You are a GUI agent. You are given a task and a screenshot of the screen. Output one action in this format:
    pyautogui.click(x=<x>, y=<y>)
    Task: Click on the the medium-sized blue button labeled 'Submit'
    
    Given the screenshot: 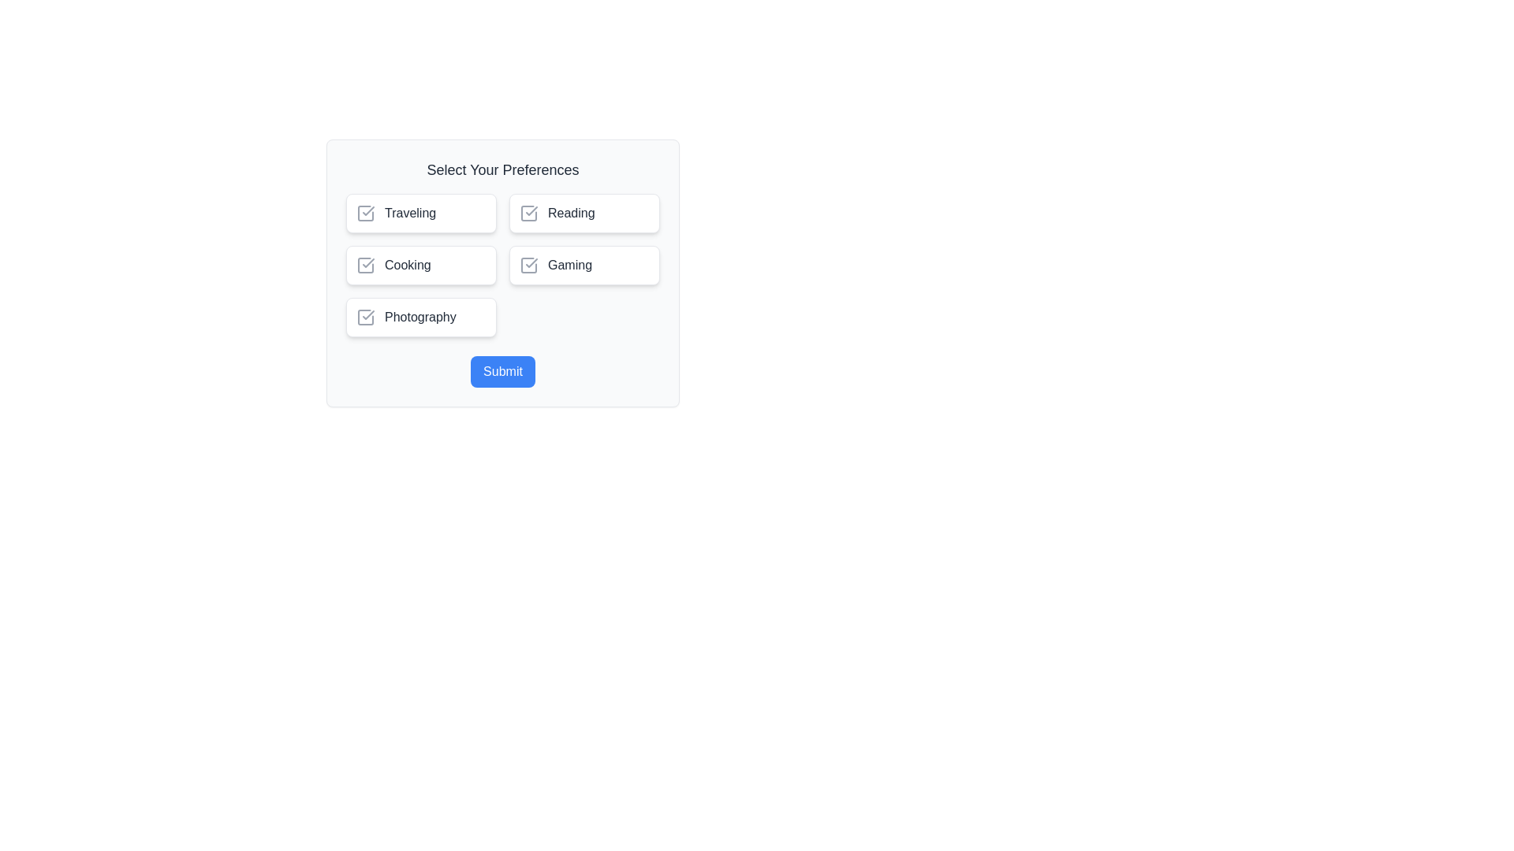 What is the action you would take?
    pyautogui.click(x=502, y=371)
    